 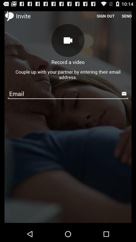 What do you see at coordinates (105, 16) in the screenshot?
I see `the icon to the left of the send icon` at bounding box center [105, 16].